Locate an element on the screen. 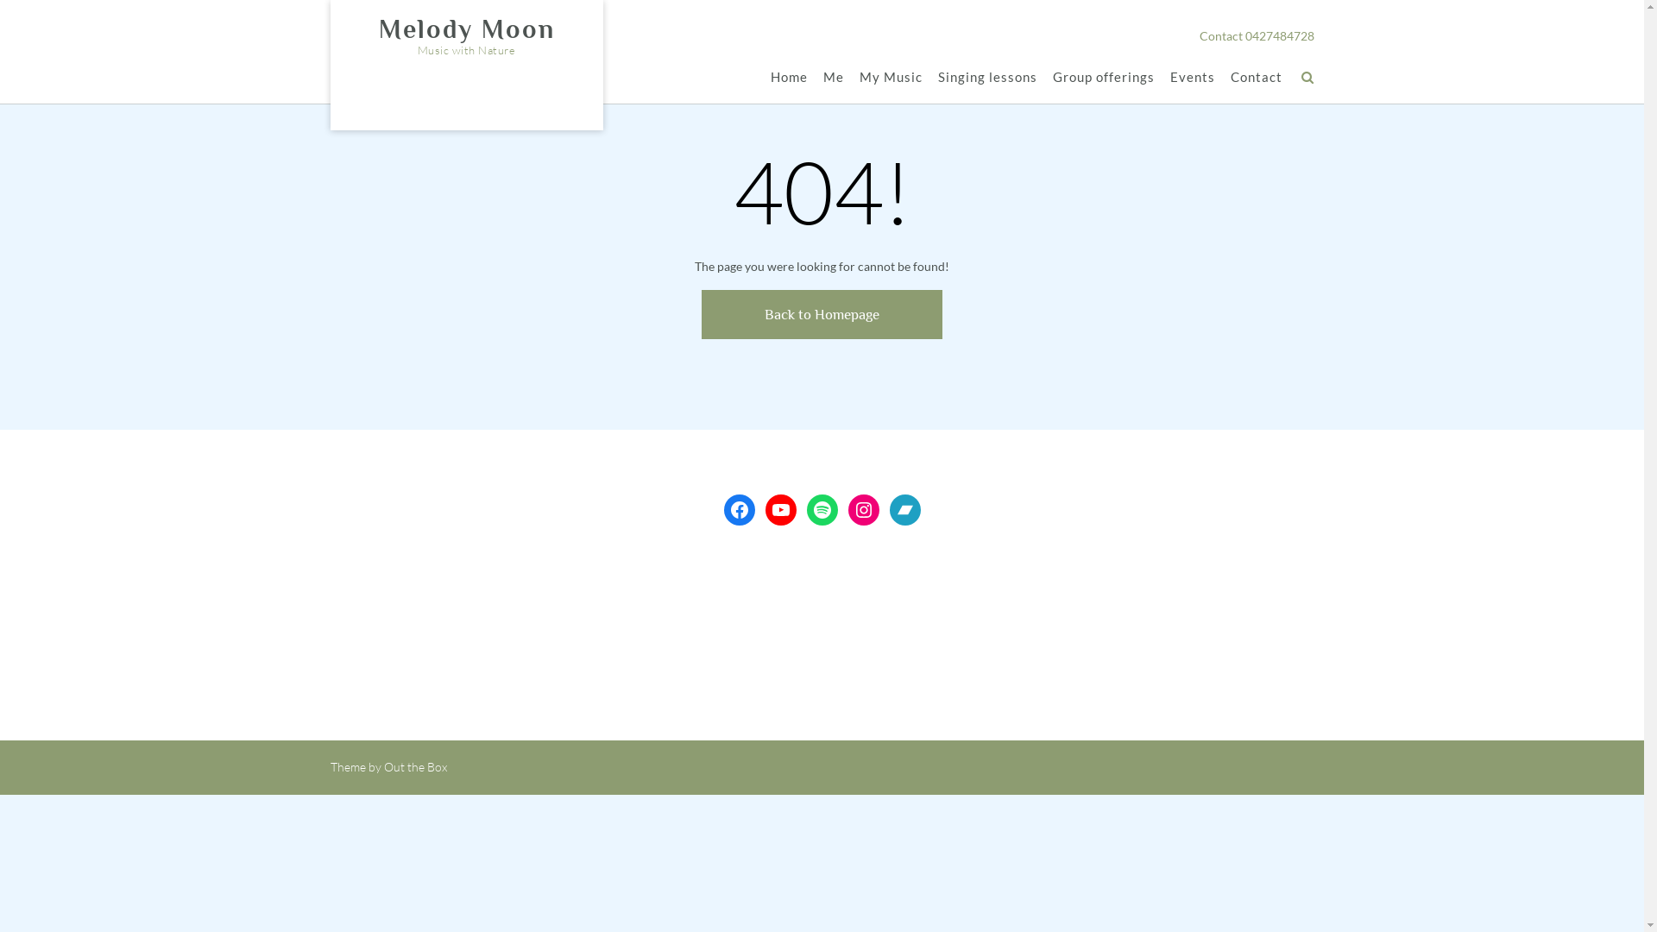  'Out the Box' is located at coordinates (382, 765).